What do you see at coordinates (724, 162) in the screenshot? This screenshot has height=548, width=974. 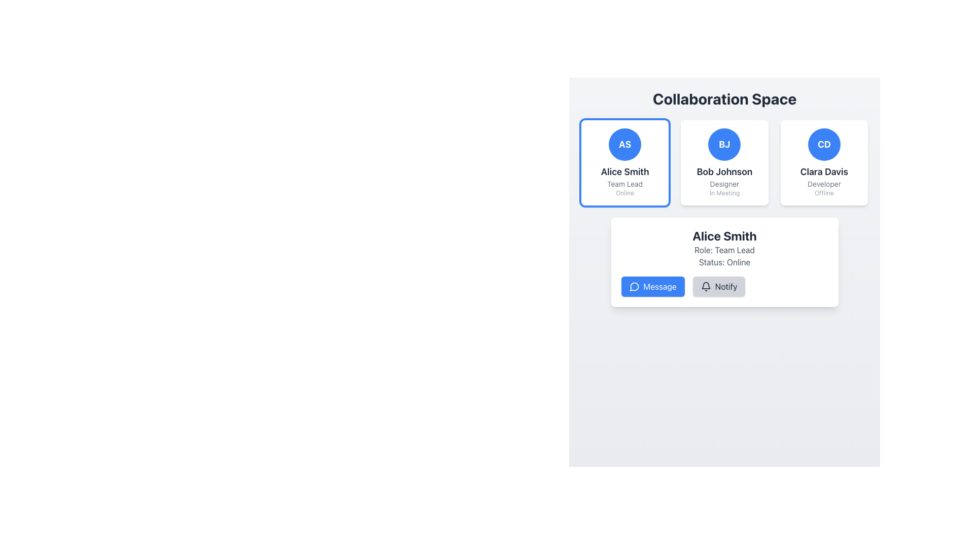 I see `the interactive card for 'Bob Johnson', which has a circular avatar with initials 'BJ', bold name text, and status 'In Meeting'` at bounding box center [724, 162].